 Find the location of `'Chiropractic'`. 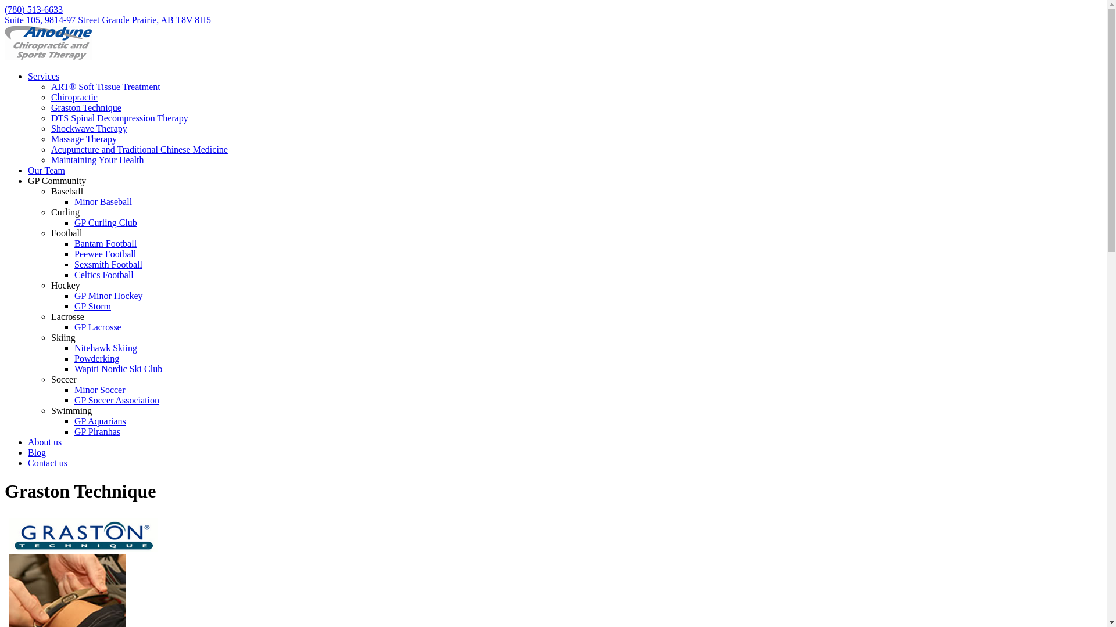

'Chiropractic' is located at coordinates (74, 96).